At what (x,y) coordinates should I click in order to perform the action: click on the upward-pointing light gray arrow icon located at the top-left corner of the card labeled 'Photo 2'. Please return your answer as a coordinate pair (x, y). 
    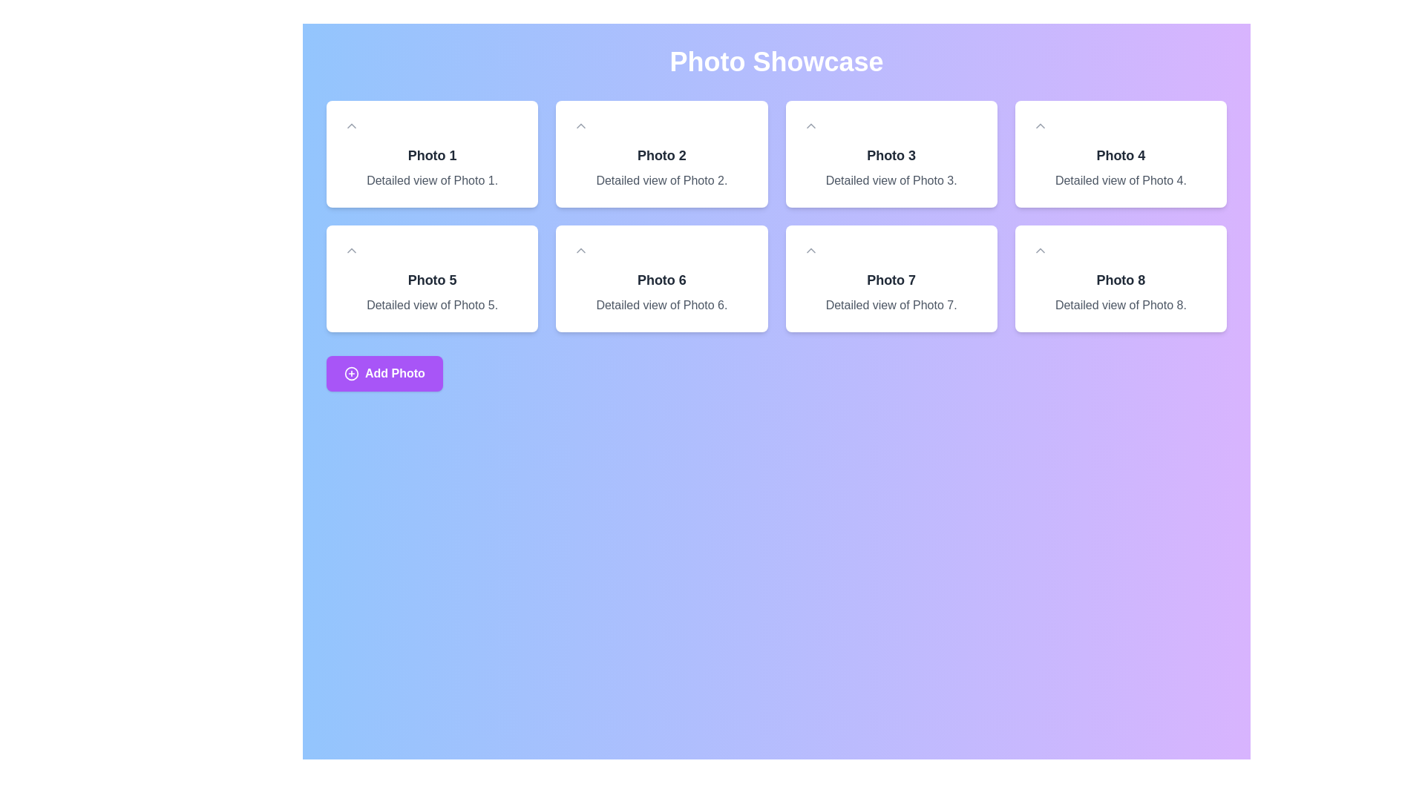
    Looking at the image, I should click on (580, 125).